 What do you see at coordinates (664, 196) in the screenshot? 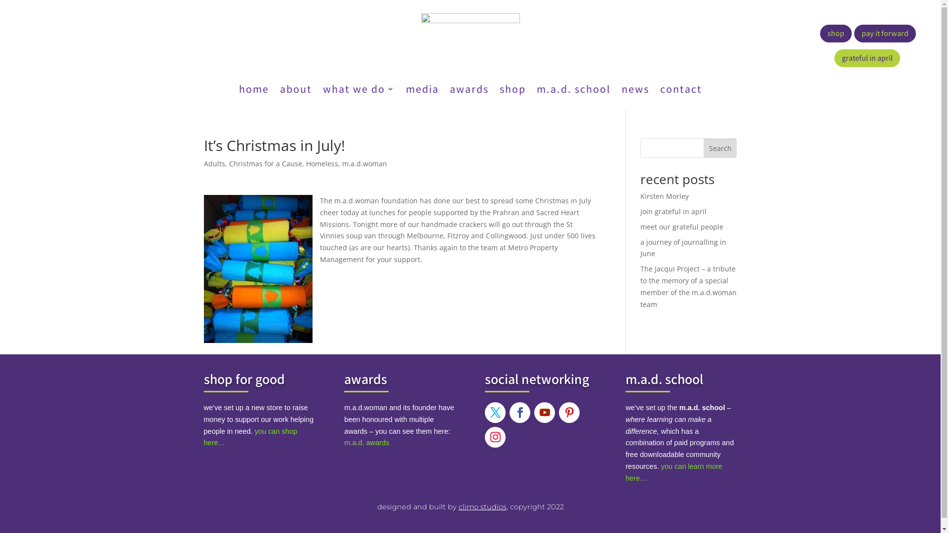
I see `'Kirsten Morley'` at bounding box center [664, 196].